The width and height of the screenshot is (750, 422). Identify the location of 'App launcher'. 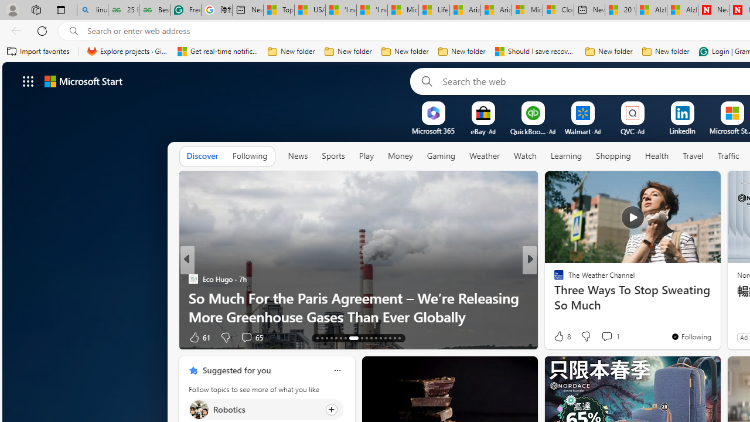
(28, 80).